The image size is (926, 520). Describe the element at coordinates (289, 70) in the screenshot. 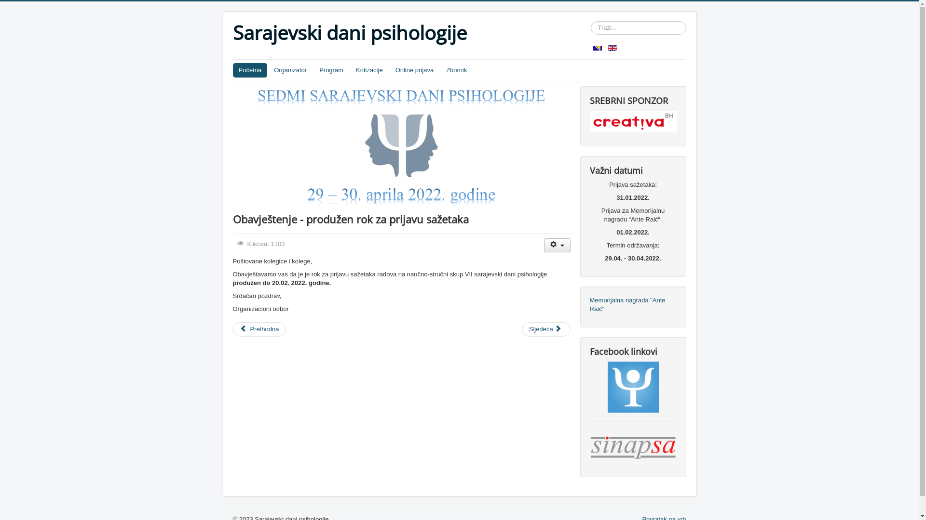

I see `'Organizator'` at that location.